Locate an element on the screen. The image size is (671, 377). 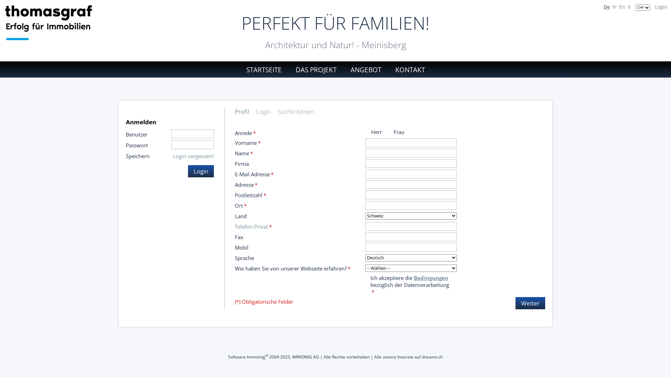
'Suchkriterien' is located at coordinates (300, 111).